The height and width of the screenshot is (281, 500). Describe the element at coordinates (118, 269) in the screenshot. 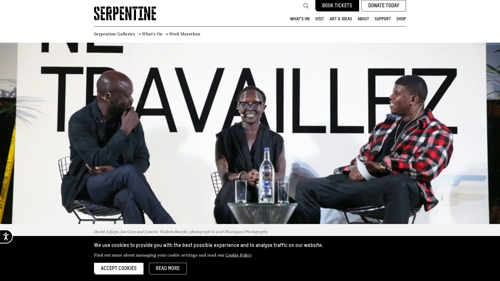

I see `ACCEPT COOKIES` at that location.